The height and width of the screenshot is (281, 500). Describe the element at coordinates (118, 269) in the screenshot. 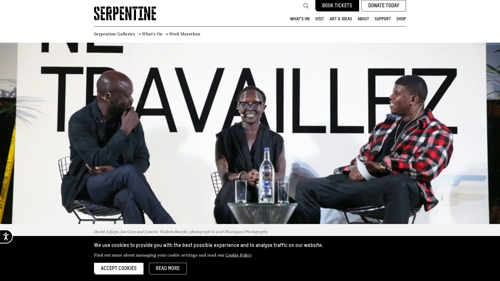

I see `ACCEPT COOKIES` at that location.